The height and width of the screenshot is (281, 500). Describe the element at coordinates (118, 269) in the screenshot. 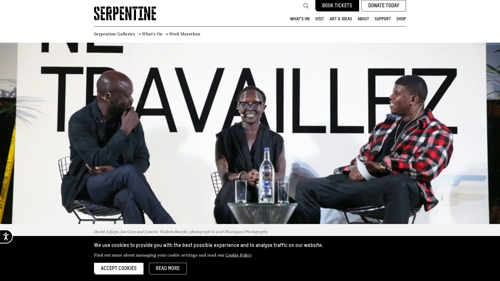

I see `ACCEPT COOKIES` at that location.